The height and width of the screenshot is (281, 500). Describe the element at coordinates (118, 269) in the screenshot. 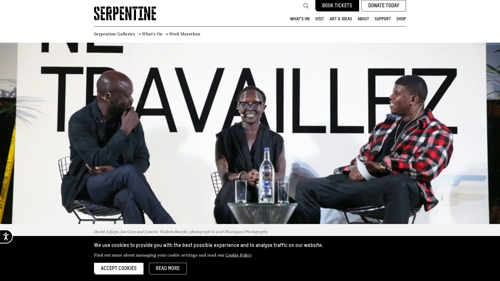

I see `ACCEPT COOKIES` at that location.